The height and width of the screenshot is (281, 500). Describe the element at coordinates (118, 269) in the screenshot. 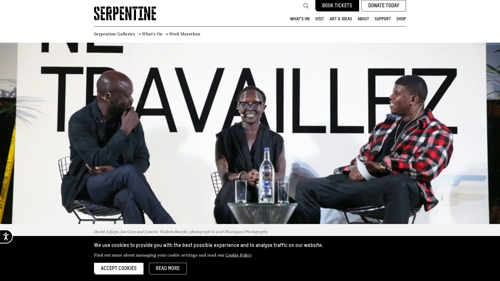

I see `ACCEPT COOKIES` at that location.